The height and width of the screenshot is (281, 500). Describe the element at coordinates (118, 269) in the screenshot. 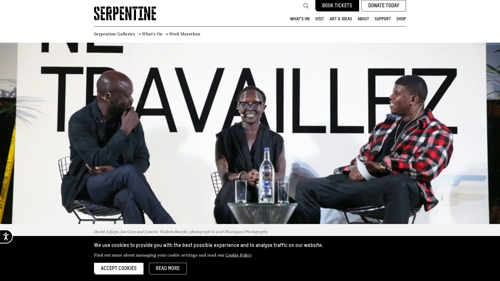

I see `ACCEPT COOKIES` at that location.